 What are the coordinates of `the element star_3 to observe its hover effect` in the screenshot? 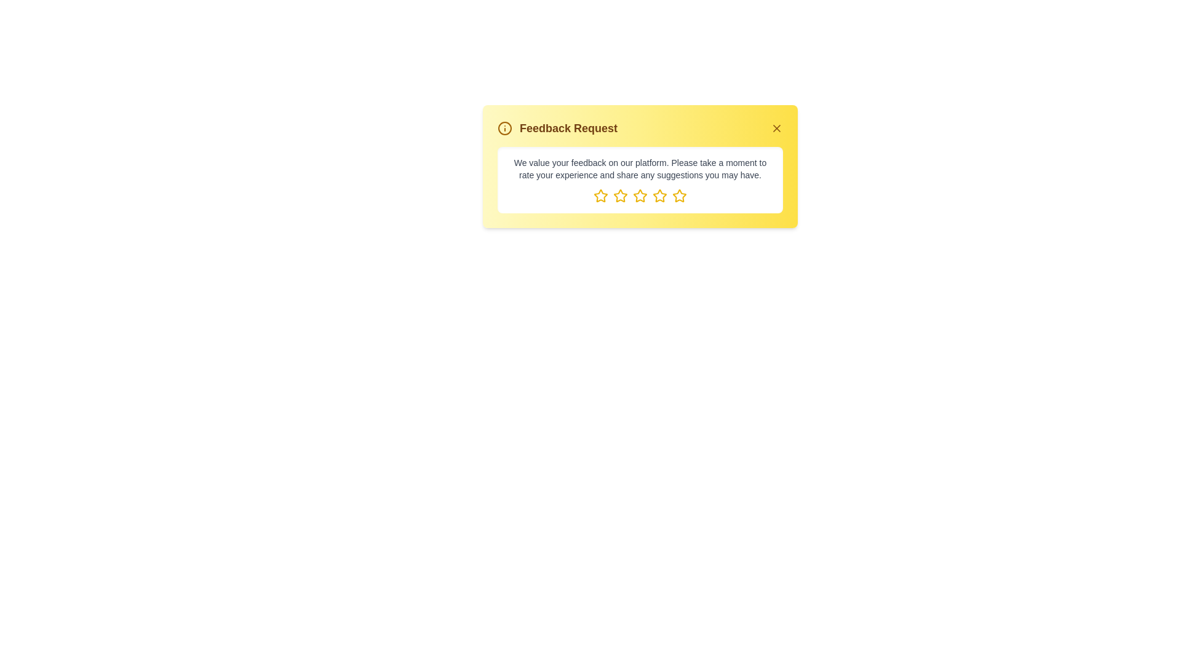 It's located at (640, 196).